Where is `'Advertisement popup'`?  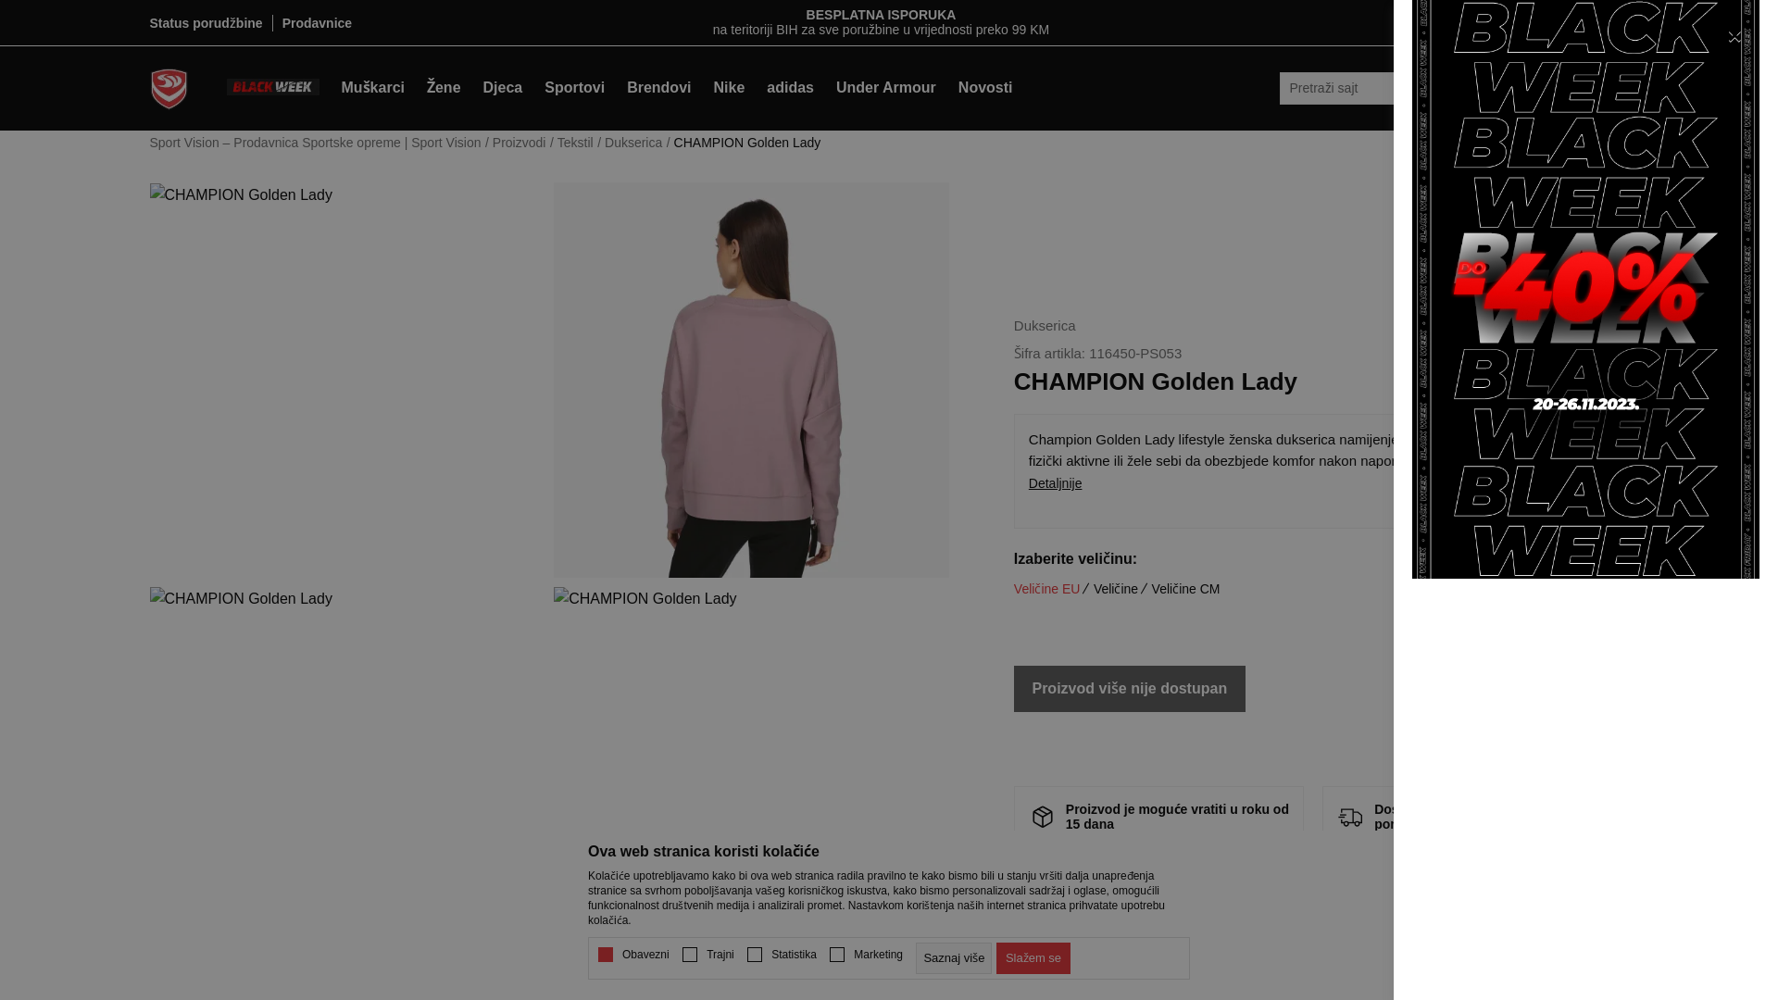
'Advertisement popup' is located at coordinates (1584, 288).